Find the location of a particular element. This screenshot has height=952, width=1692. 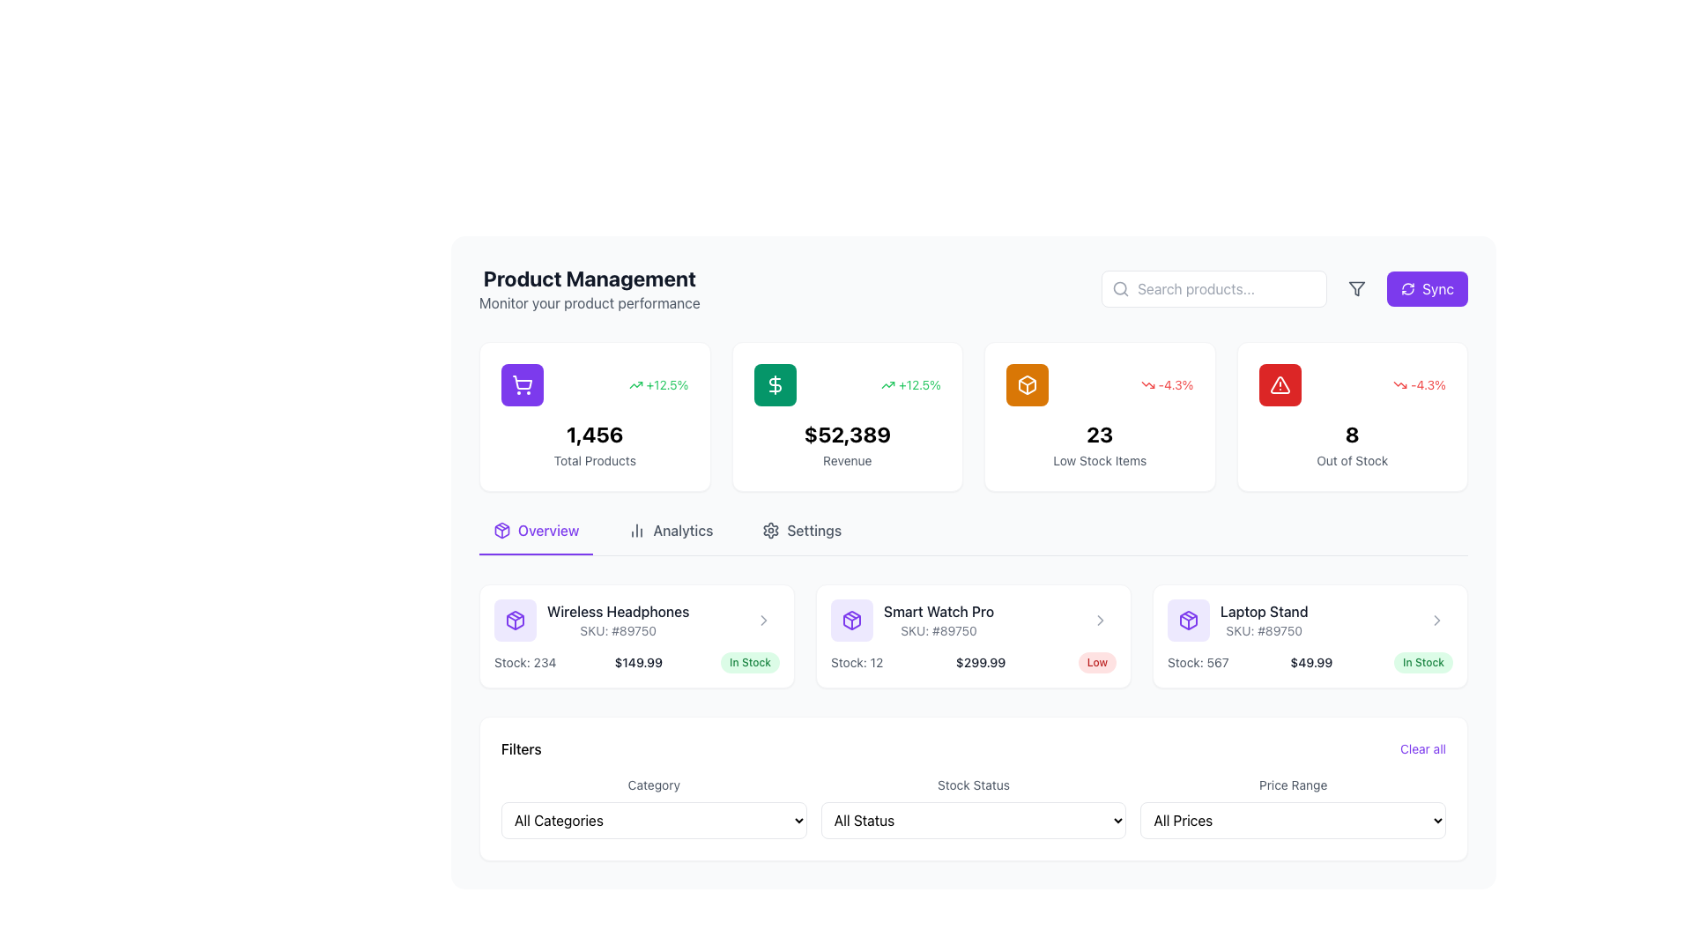

the static text label that provides context for the main heading 'Product Management', which is positioned directly underneath it is located at coordinates (590, 301).